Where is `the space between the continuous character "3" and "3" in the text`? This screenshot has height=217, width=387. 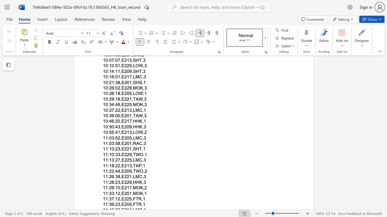 the space between the continuous character "3" and "3" in the text is located at coordinates (112, 193).